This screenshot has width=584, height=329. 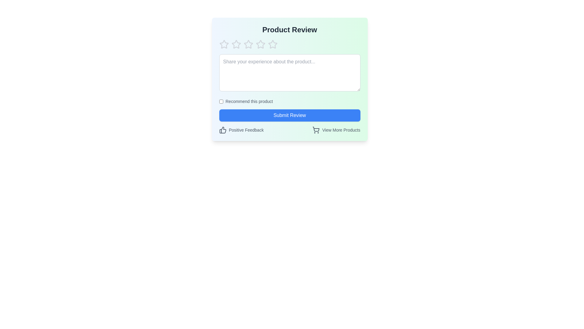 I want to click on the product rating to 2 stars by clicking on the respective star, so click(x=236, y=44).